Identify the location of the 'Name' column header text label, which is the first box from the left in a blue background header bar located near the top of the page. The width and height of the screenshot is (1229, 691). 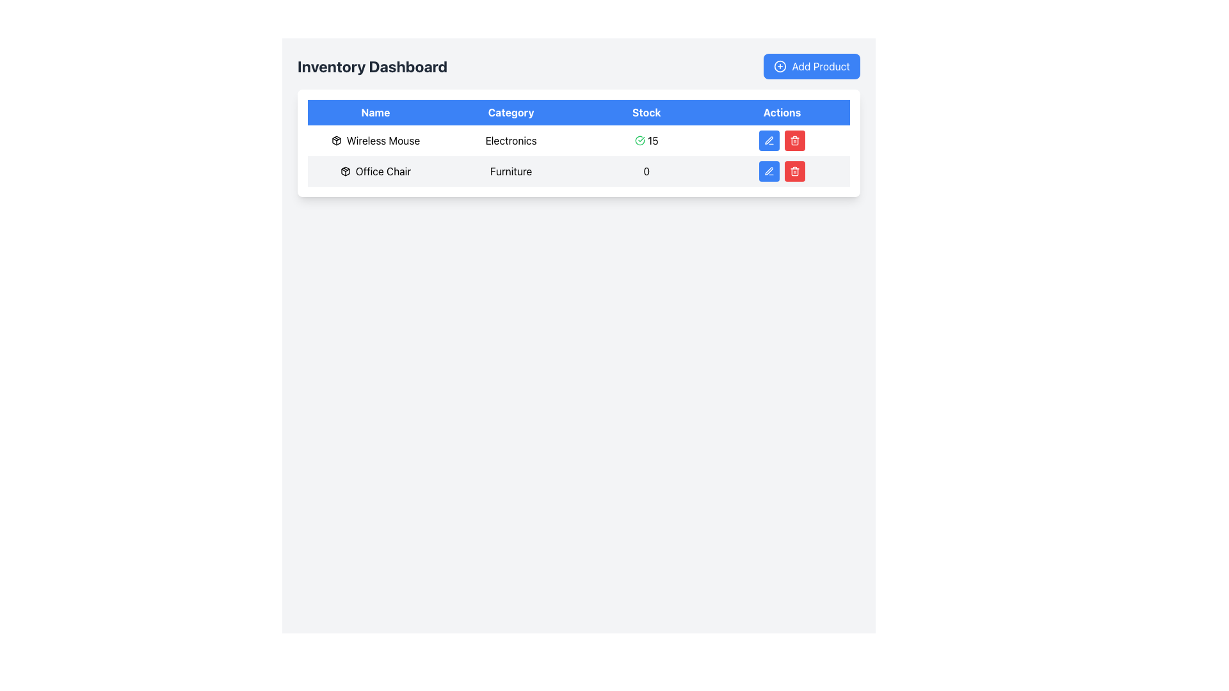
(374, 112).